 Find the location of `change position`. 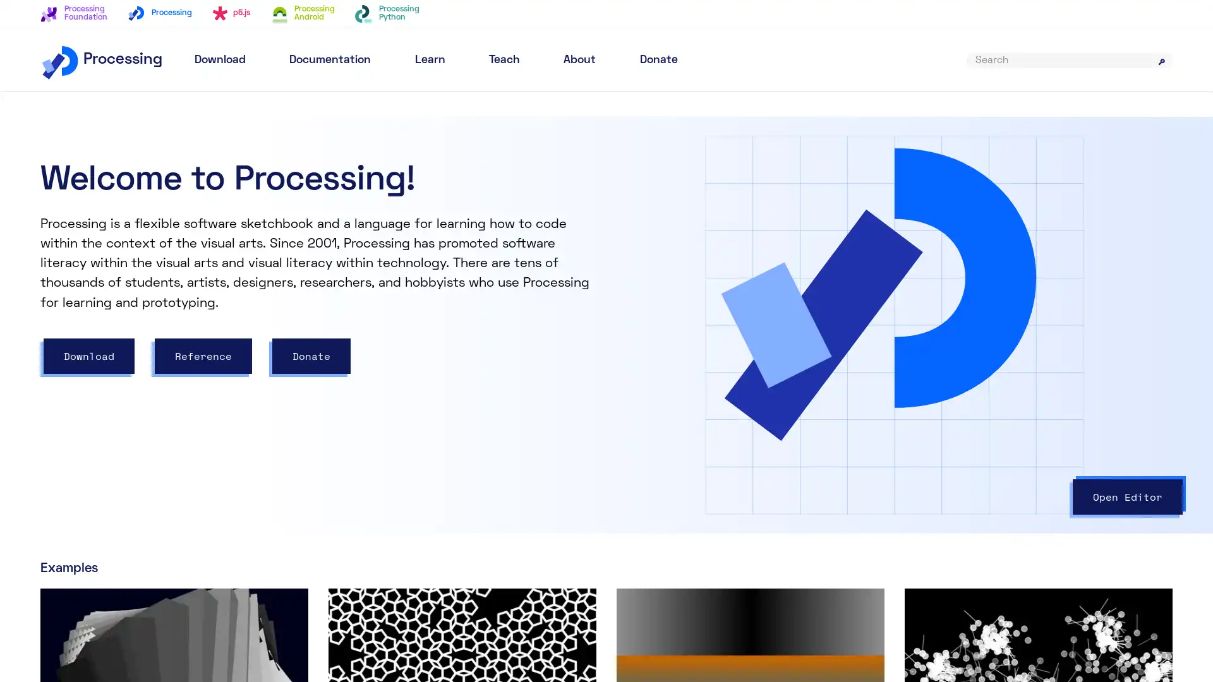

change position is located at coordinates (725, 302).